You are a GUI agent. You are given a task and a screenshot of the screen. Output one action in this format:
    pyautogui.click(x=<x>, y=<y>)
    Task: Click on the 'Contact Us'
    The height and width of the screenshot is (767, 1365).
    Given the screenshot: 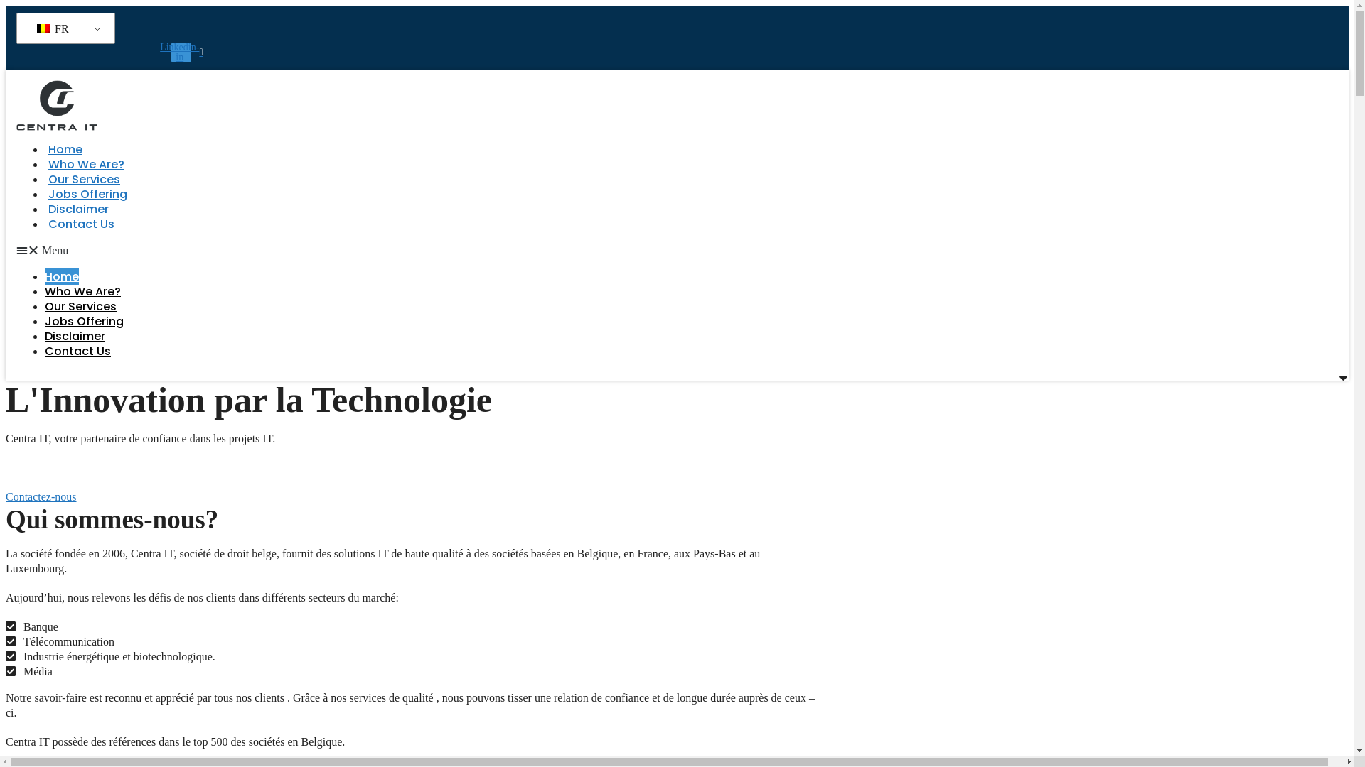 What is the action you would take?
    pyautogui.click(x=80, y=224)
    